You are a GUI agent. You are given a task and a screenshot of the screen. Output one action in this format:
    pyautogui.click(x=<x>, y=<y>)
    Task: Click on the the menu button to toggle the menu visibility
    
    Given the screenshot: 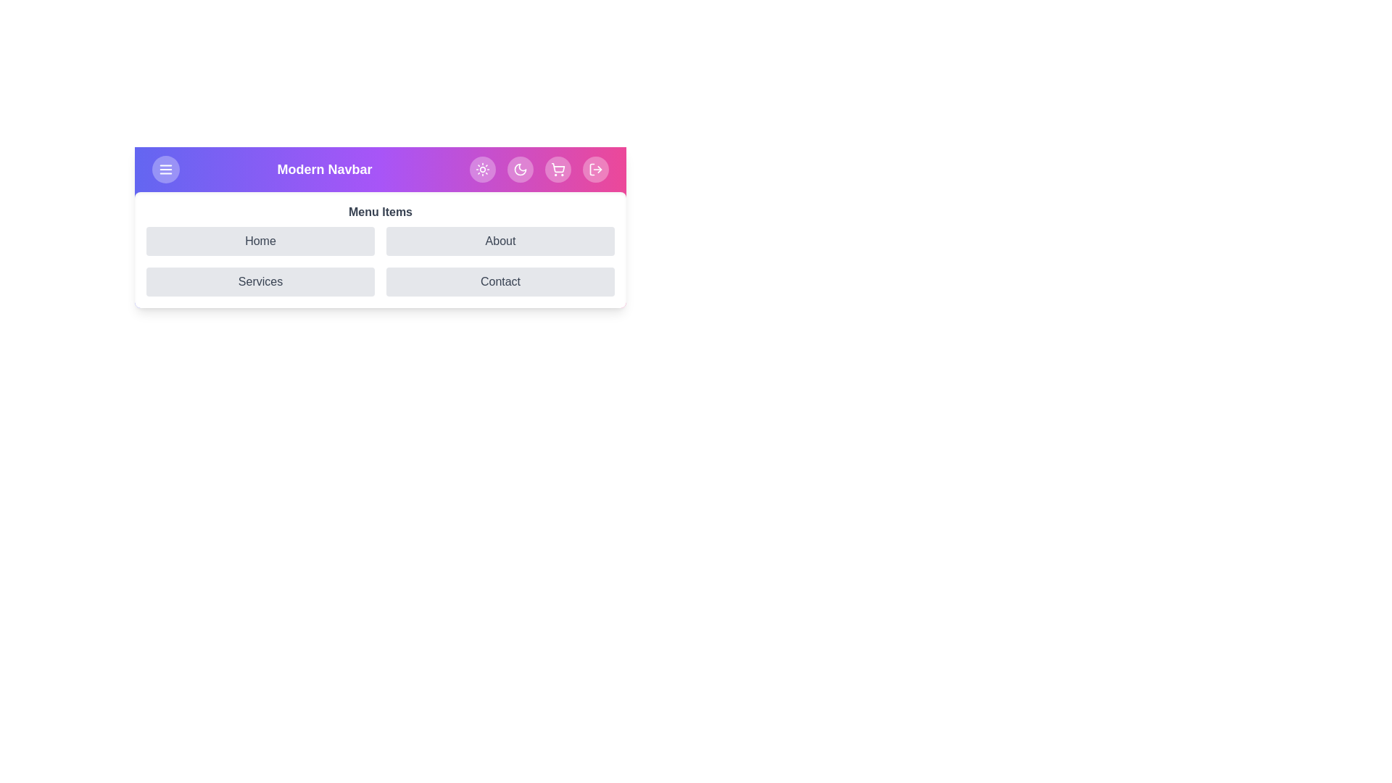 What is the action you would take?
    pyautogui.click(x=166, y=169)
    